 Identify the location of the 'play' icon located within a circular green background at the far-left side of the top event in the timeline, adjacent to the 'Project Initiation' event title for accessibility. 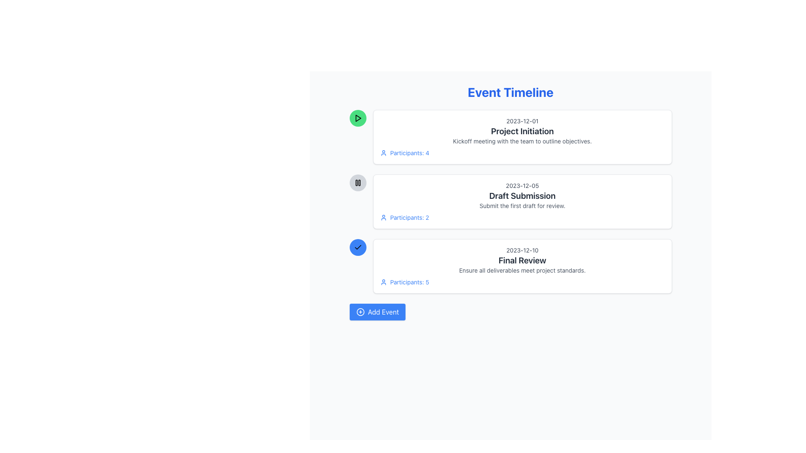
(358, 118).